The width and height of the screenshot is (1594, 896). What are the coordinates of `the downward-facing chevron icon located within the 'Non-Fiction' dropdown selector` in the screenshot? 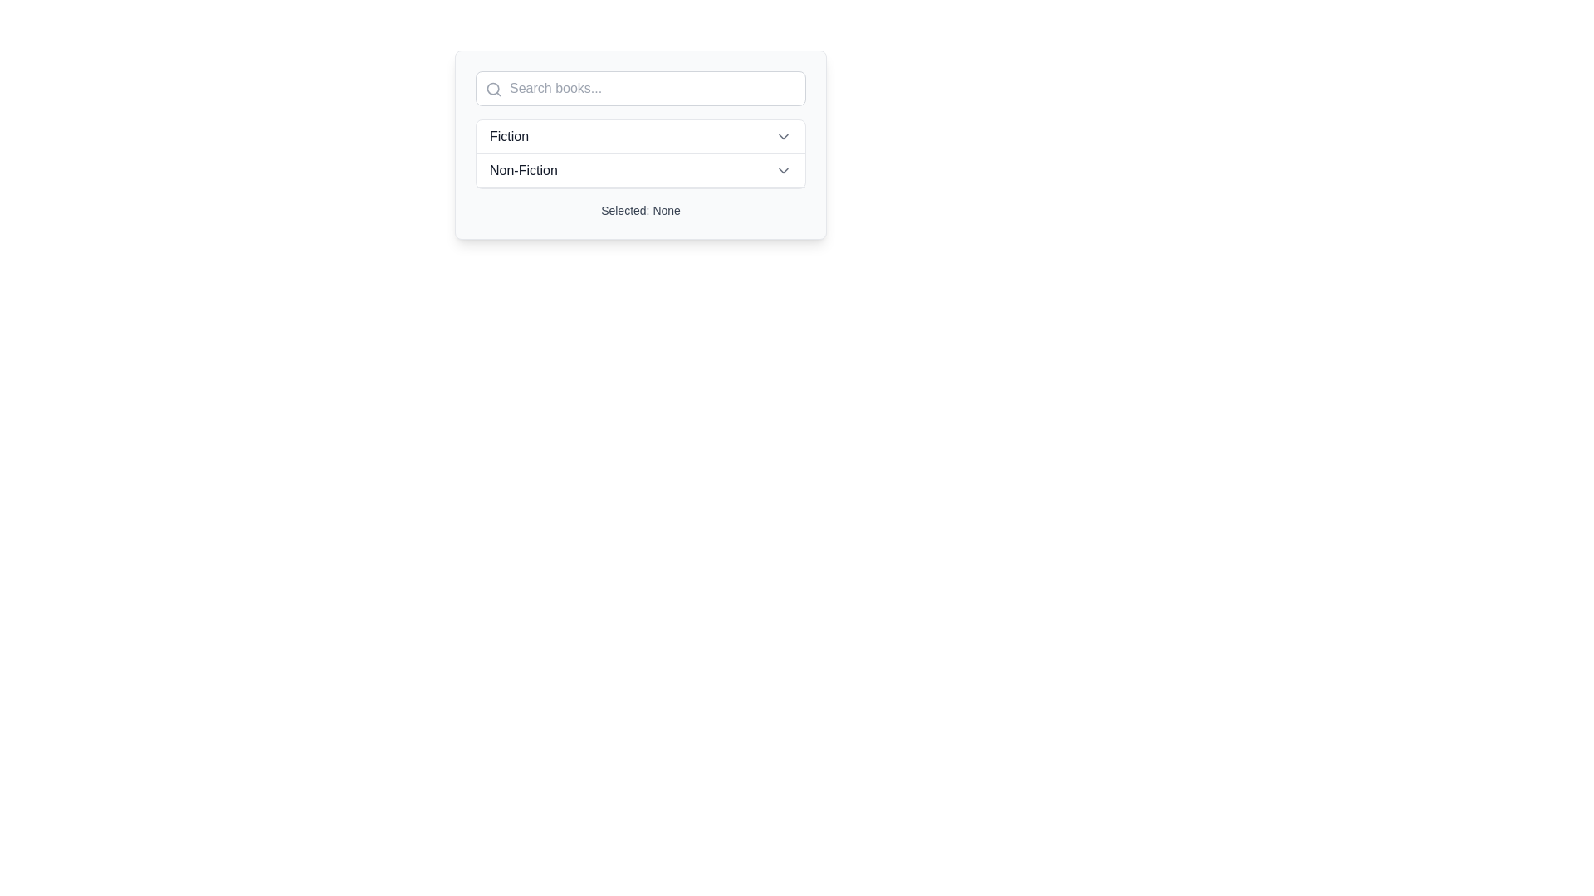 It's located at (783, 170).